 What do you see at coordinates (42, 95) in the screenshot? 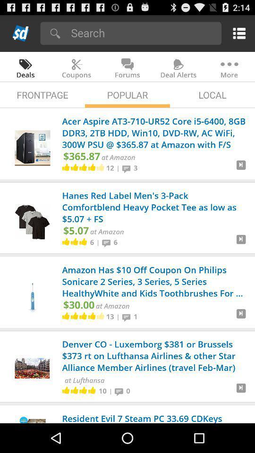
I see `app to the left of the popular app` at bounding box center [42, 95].